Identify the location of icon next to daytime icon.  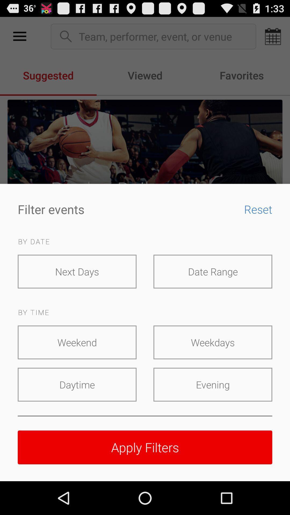
(212, 384).